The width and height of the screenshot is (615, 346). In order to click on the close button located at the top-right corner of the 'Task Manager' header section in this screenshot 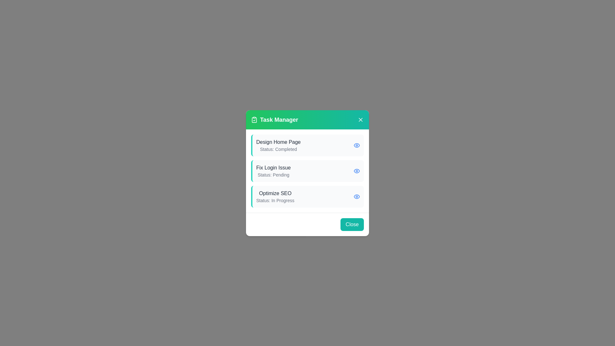, I will do `click(361, 119)`.